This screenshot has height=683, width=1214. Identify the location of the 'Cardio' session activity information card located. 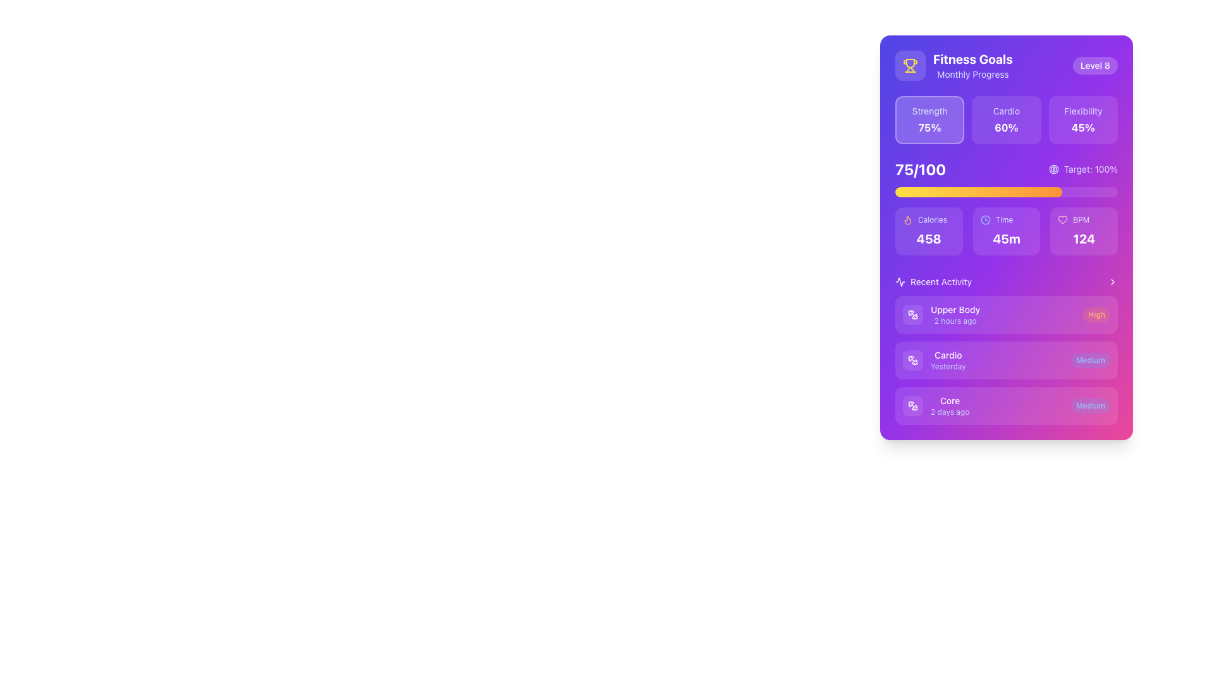
(948, 360).